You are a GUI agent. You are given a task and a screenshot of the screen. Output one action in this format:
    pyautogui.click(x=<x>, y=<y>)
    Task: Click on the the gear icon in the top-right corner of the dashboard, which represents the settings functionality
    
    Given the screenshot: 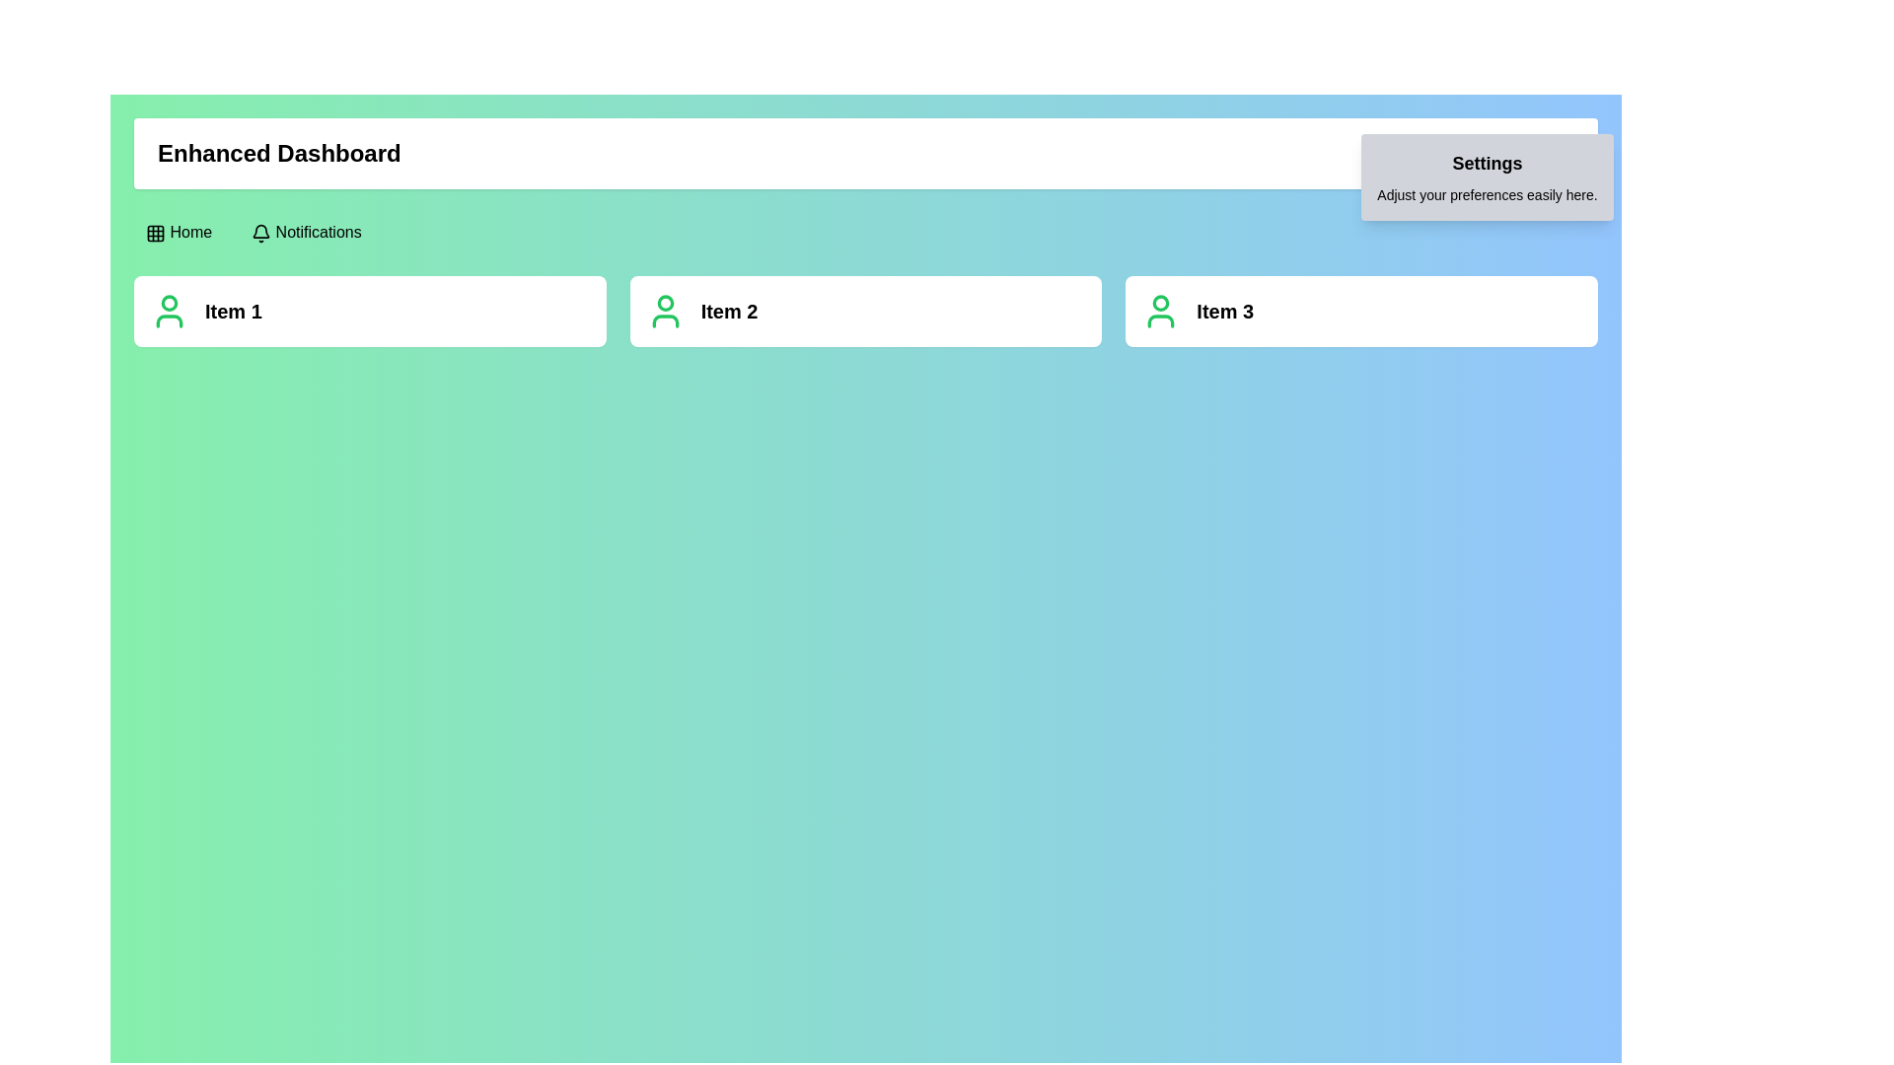 What is the action you would take?
    pyautogui.click(x=1458, y=152)
    